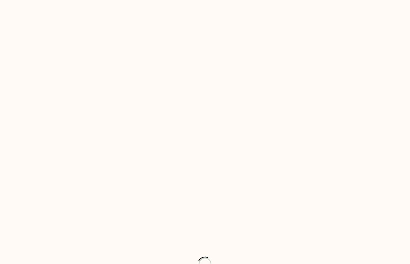 The image size is (410, 264). I want to click on 'of 1', so click(282, 242).